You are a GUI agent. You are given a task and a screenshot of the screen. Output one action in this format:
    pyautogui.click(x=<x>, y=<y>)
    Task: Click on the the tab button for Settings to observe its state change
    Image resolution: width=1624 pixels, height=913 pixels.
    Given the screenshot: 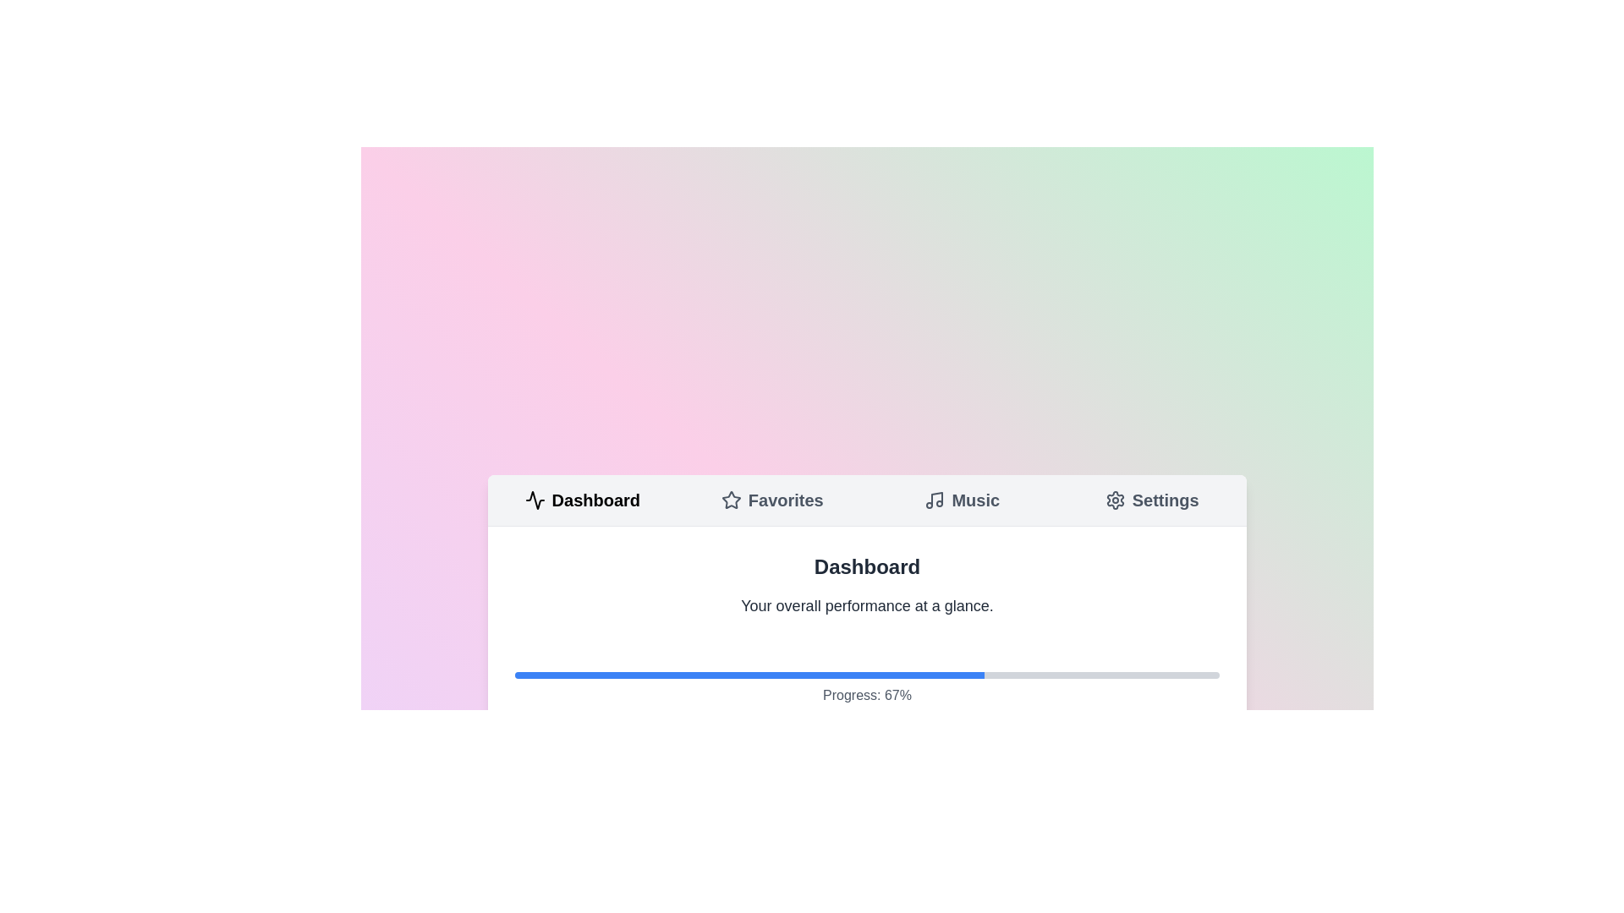 What is the action you would take?
    pyautogui.click(x=1151, y=499)
    